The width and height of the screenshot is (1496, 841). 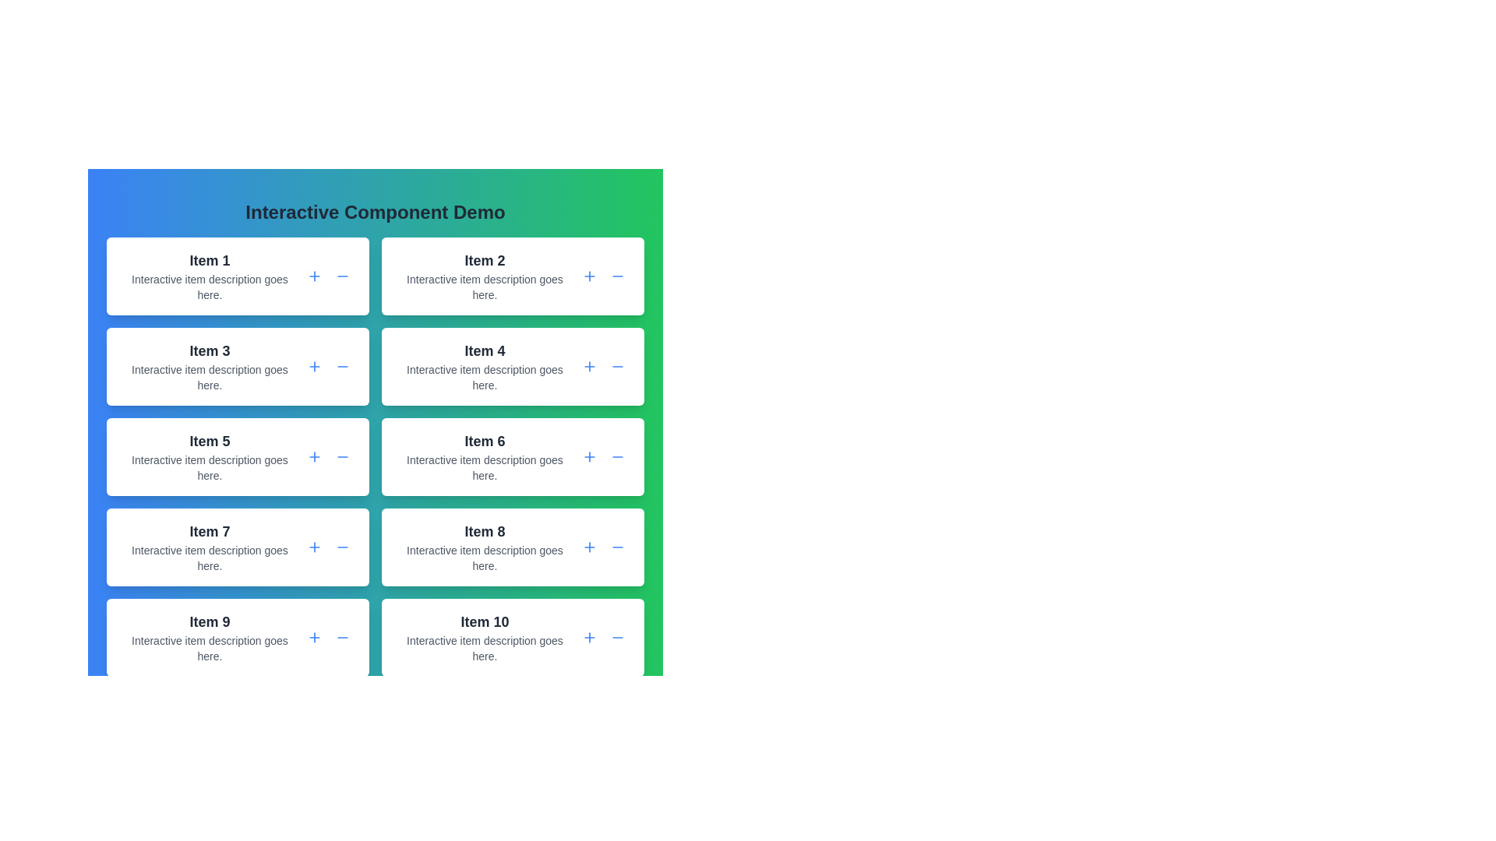 What do you see at coordinates (342, 456) in the screenshot?
I see `the subtraction icon located within the button to the right of the description for 'Item 5'` at bounding box center [342, 456].